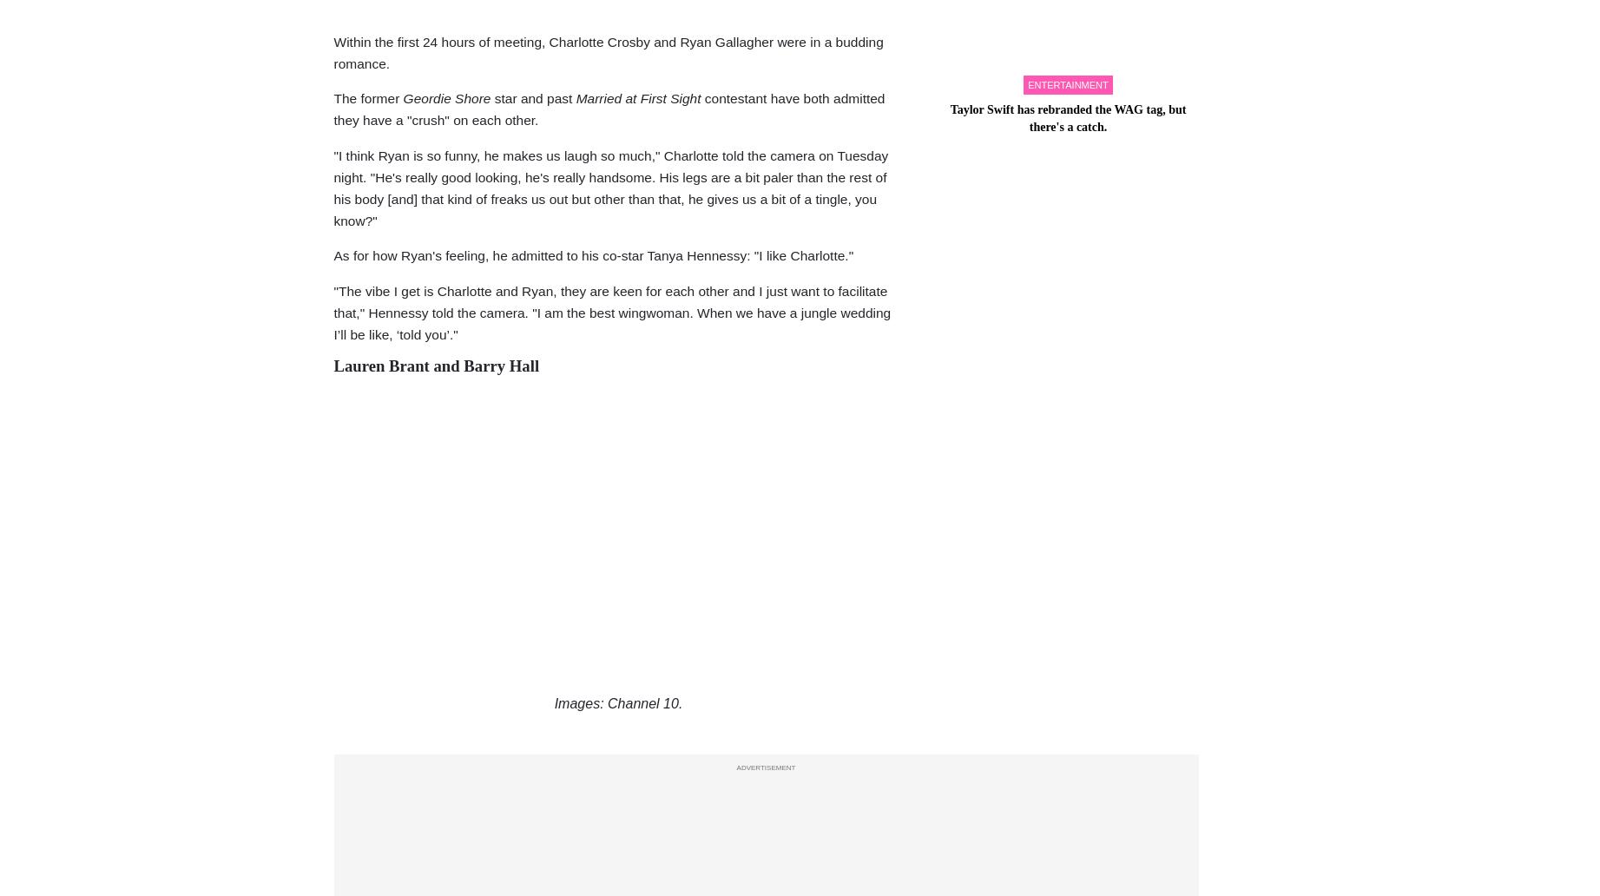 Image resolution: width=1600 pixels, height=896 pixels. Describe the element at coordinates (436, 364) in the screenshot. I see `'Lauren Brant and Barry Hall'` at that location.